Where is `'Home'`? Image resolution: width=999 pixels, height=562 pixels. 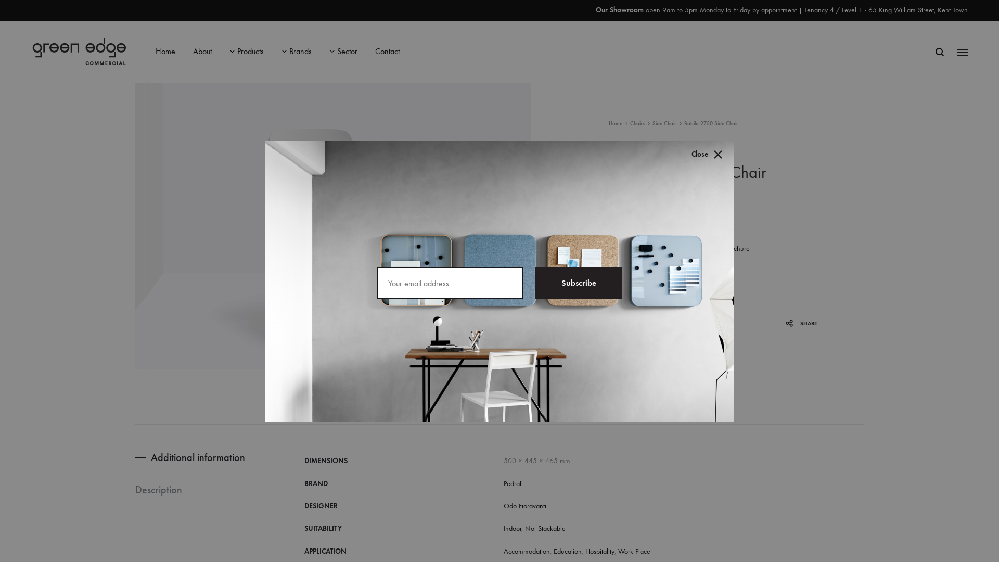
'Home' is located at coordinates (155, 52).